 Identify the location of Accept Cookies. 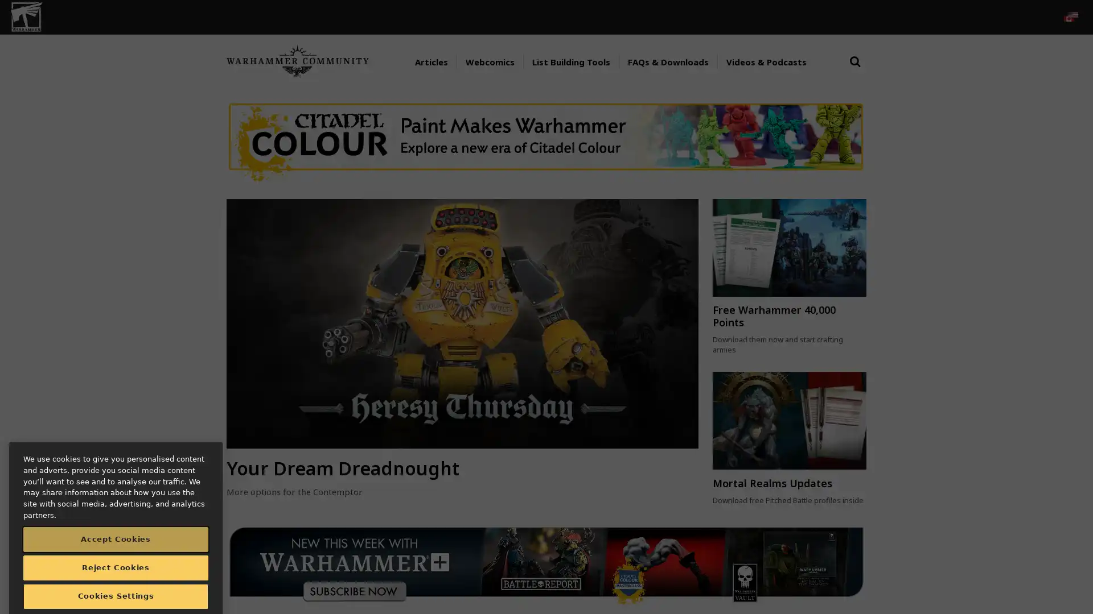
(116, 517).